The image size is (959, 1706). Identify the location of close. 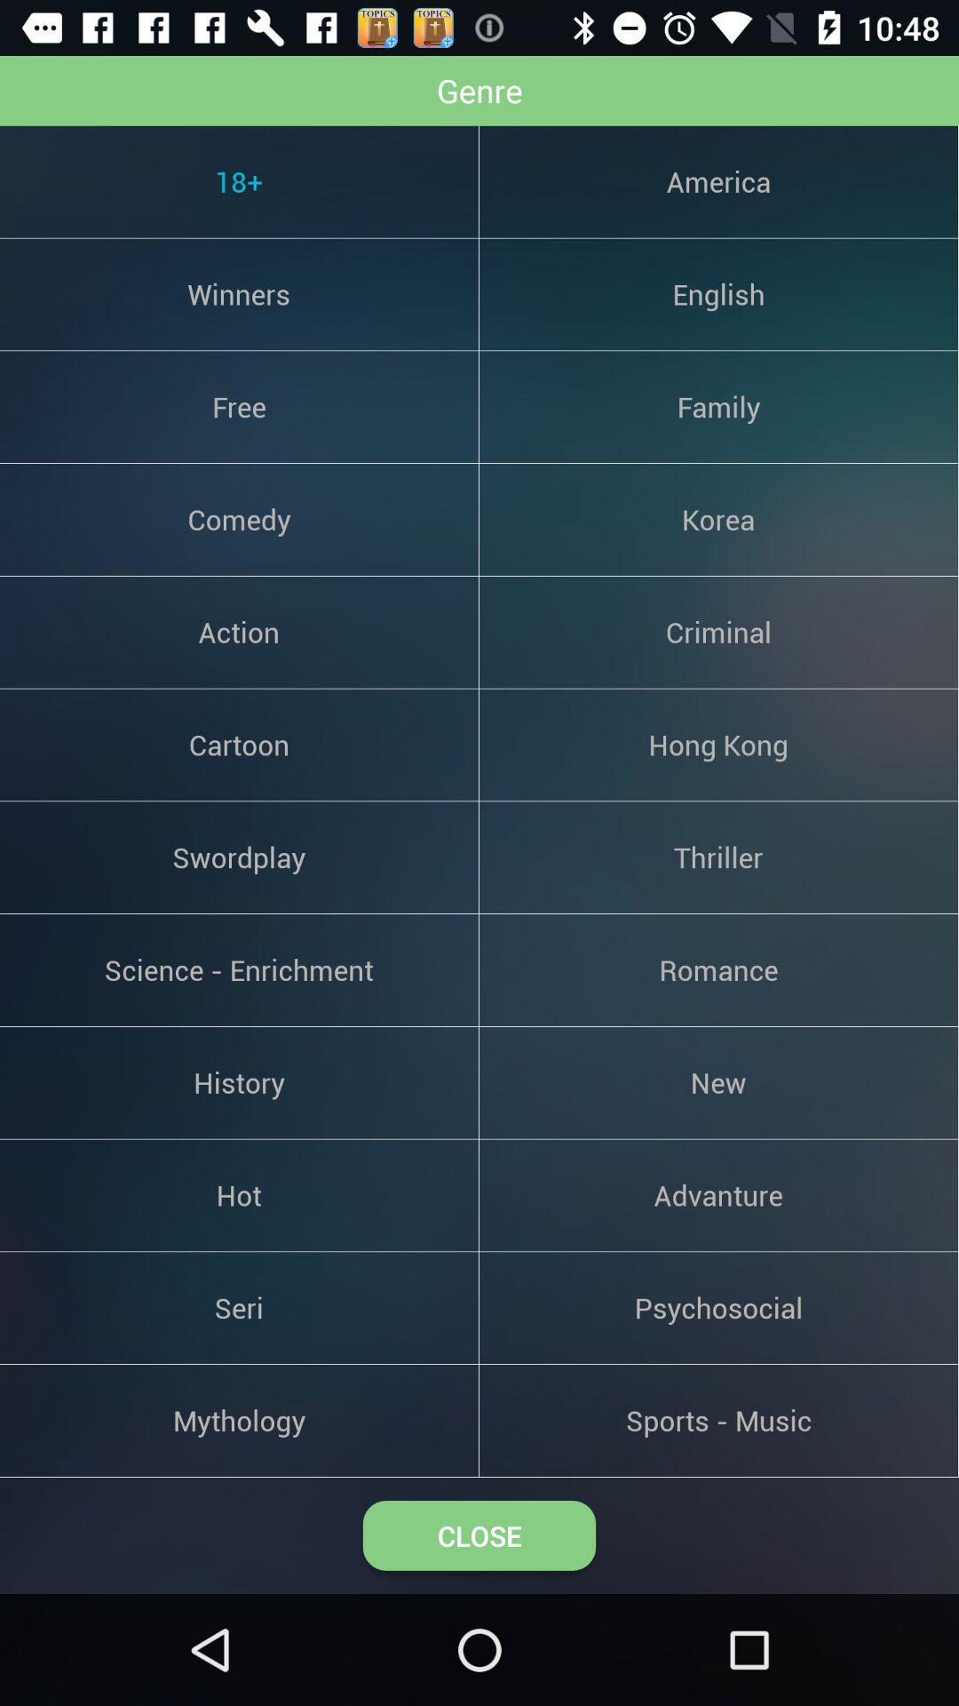
(479, 1535).